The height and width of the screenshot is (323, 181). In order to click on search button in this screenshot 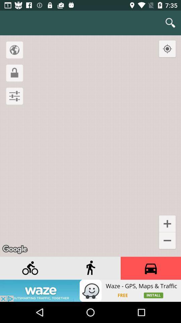, I will do `click(170, 23)`.